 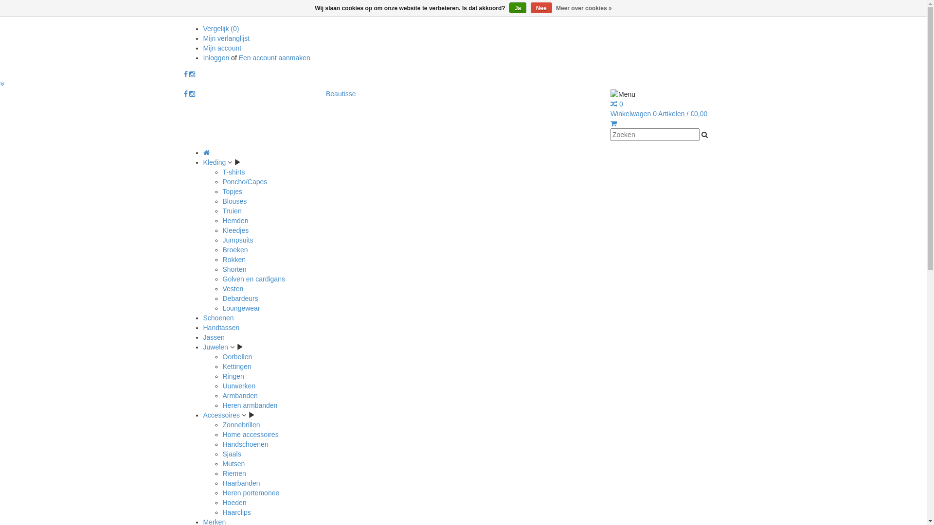 I want to click on 'Jumpsuits', so click(x=238, y=240).